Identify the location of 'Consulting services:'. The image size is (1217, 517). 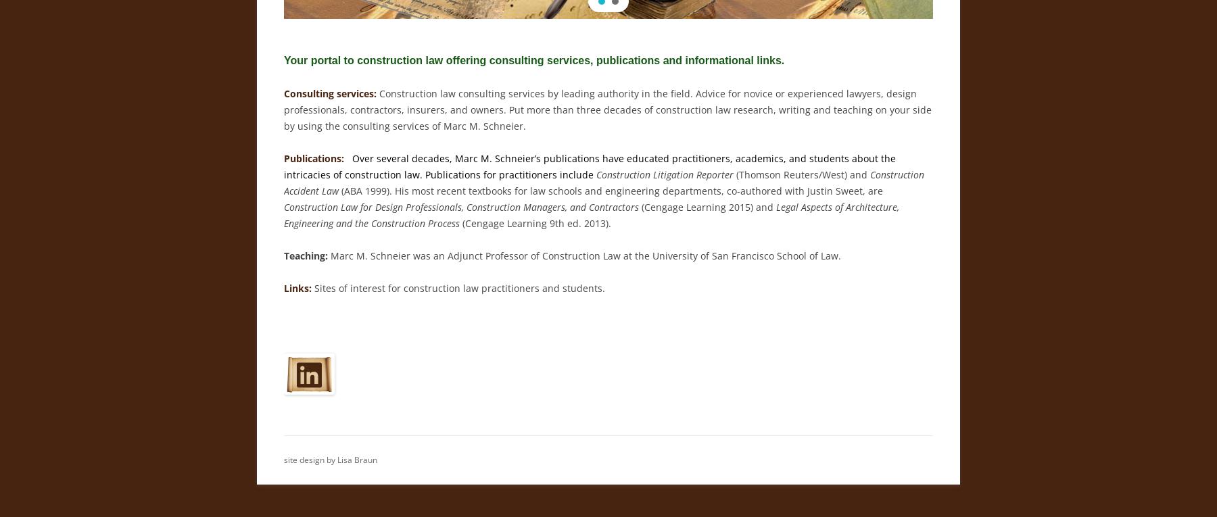
(329, 93).